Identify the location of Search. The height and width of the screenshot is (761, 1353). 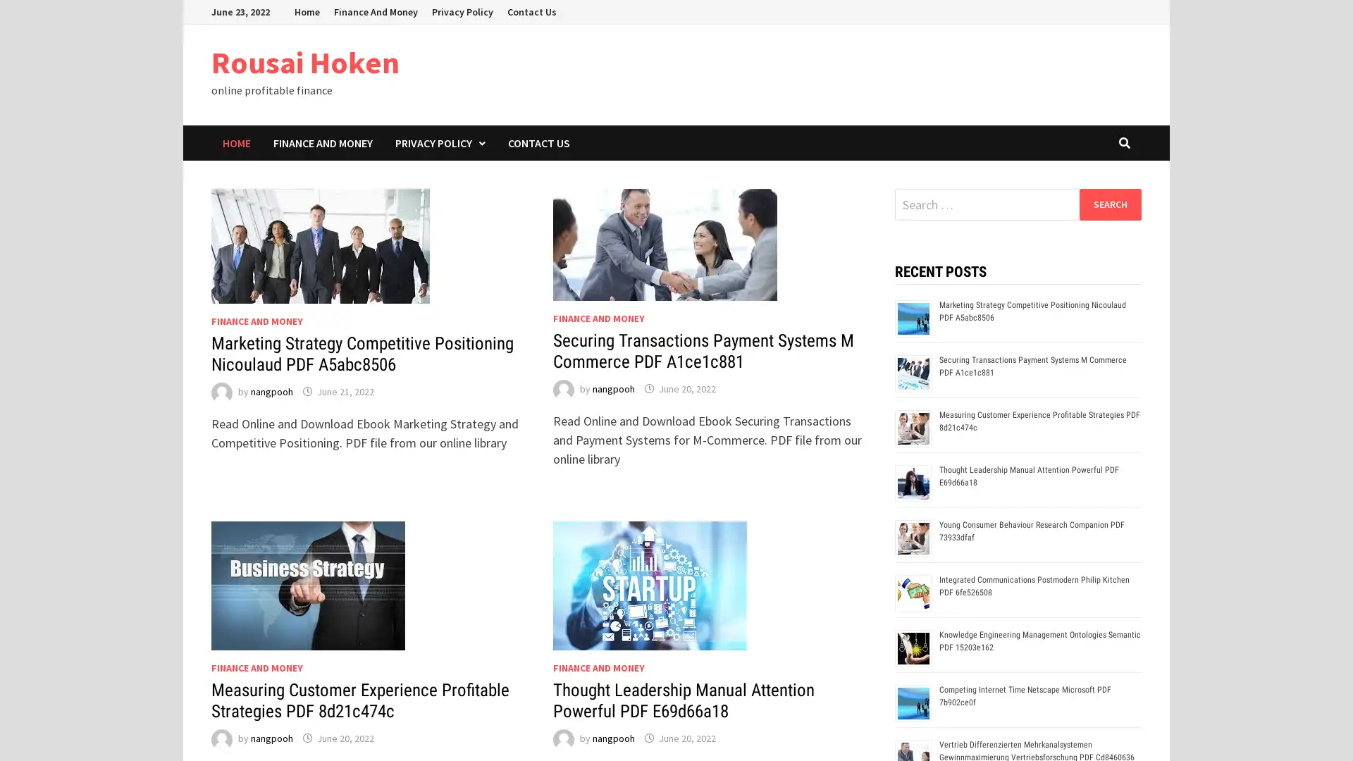
(1109, 204).